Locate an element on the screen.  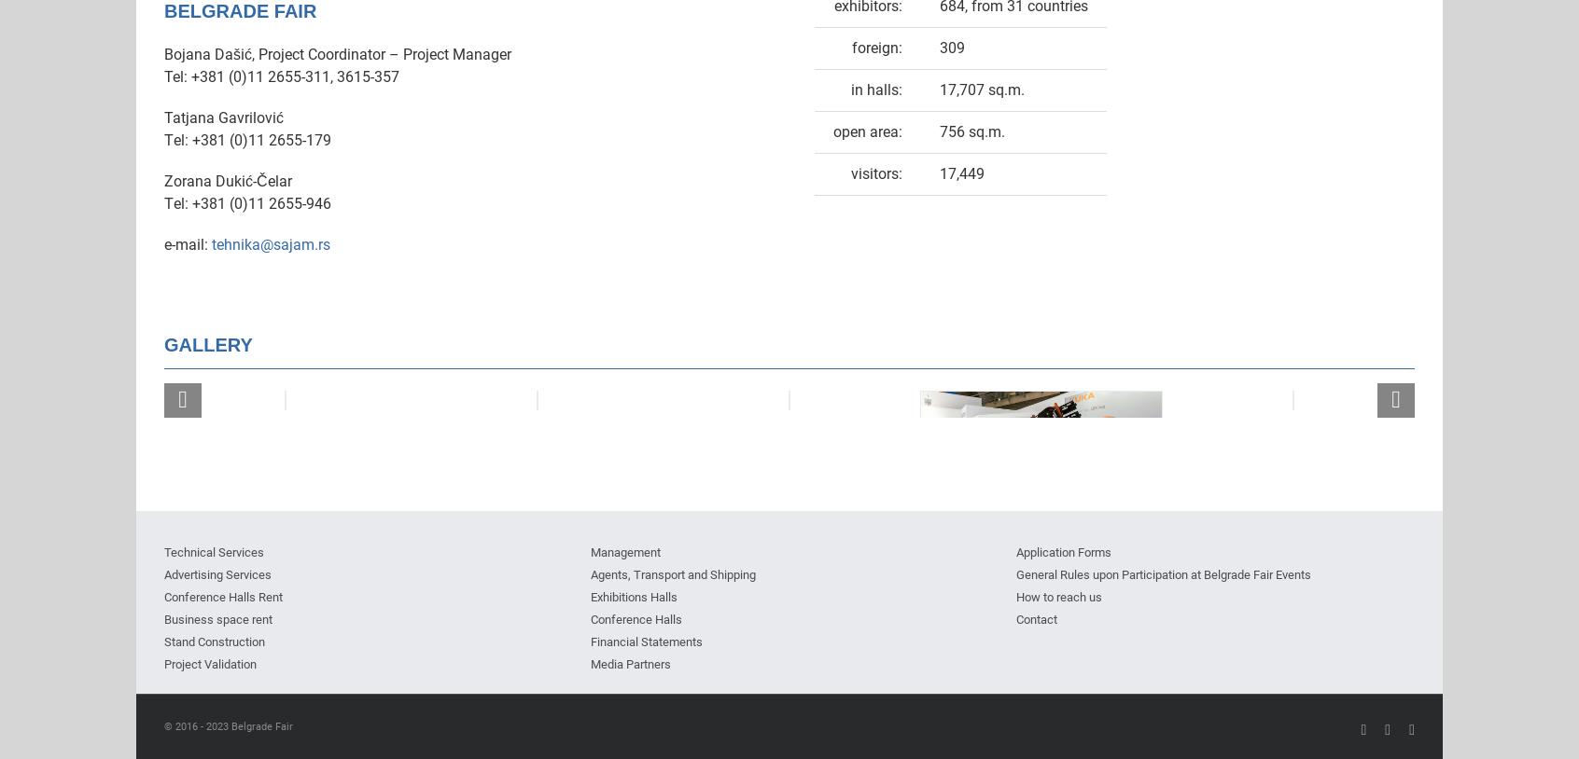
'Tatjana Gavrilović' is located at coordinates (223, 116).